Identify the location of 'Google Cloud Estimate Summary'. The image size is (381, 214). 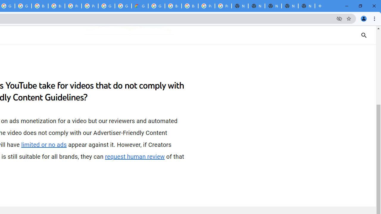
(139, 6).